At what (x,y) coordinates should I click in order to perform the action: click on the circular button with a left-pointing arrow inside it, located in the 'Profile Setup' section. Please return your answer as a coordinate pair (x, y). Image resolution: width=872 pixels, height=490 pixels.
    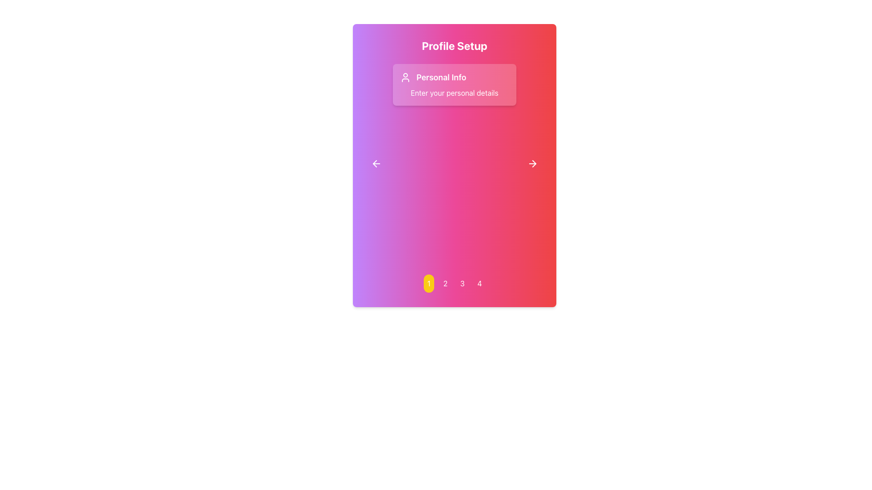
    Looking at the image, I should click on (377, 164).